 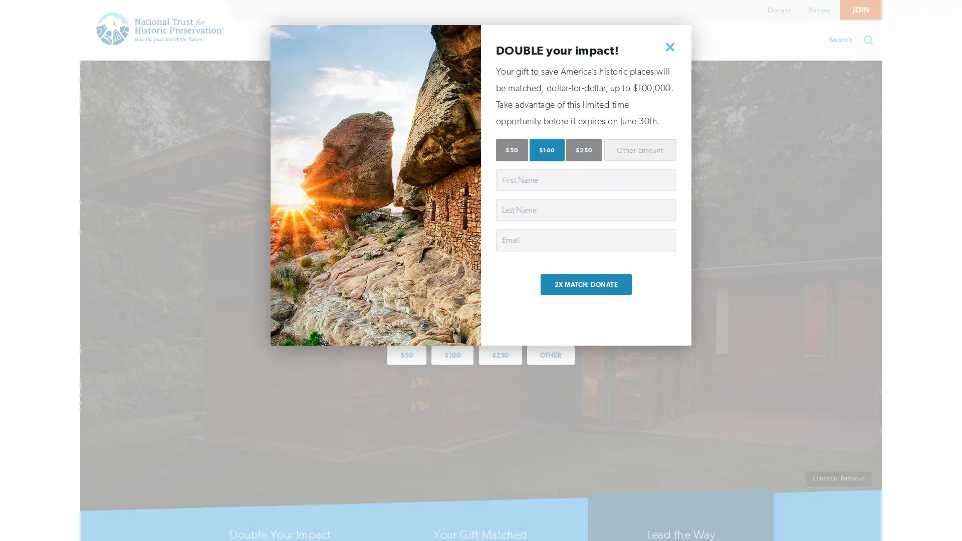 I want to click on Open Support section of the nav, so click(x=565, y=40).